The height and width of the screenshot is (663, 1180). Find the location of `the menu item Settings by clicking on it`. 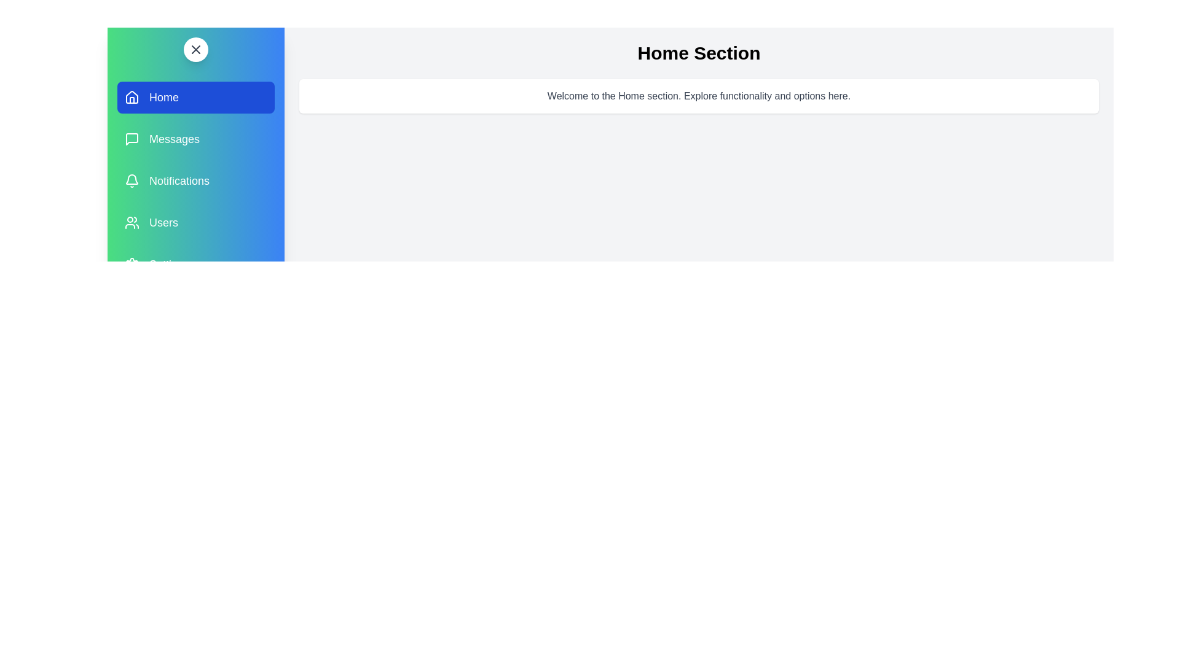

the menu item Settings by clicking on it is located at coordinates (195, 264).